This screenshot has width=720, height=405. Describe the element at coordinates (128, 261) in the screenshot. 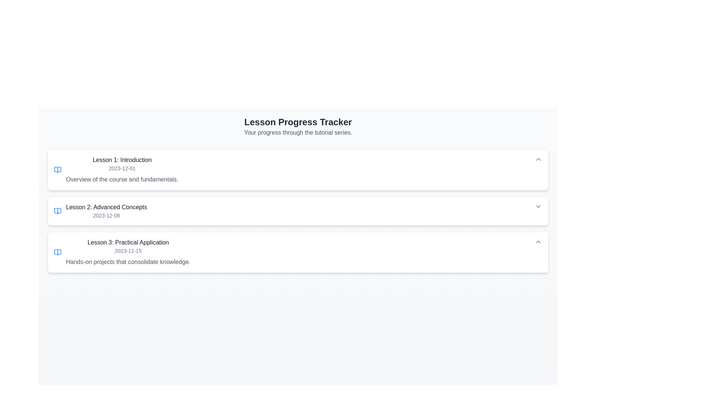

I see `the static text element that provides a description about the lesson focusing on practical application, located below 'Lesson 3: Practical Application' and '2023-12-15'` at that location.